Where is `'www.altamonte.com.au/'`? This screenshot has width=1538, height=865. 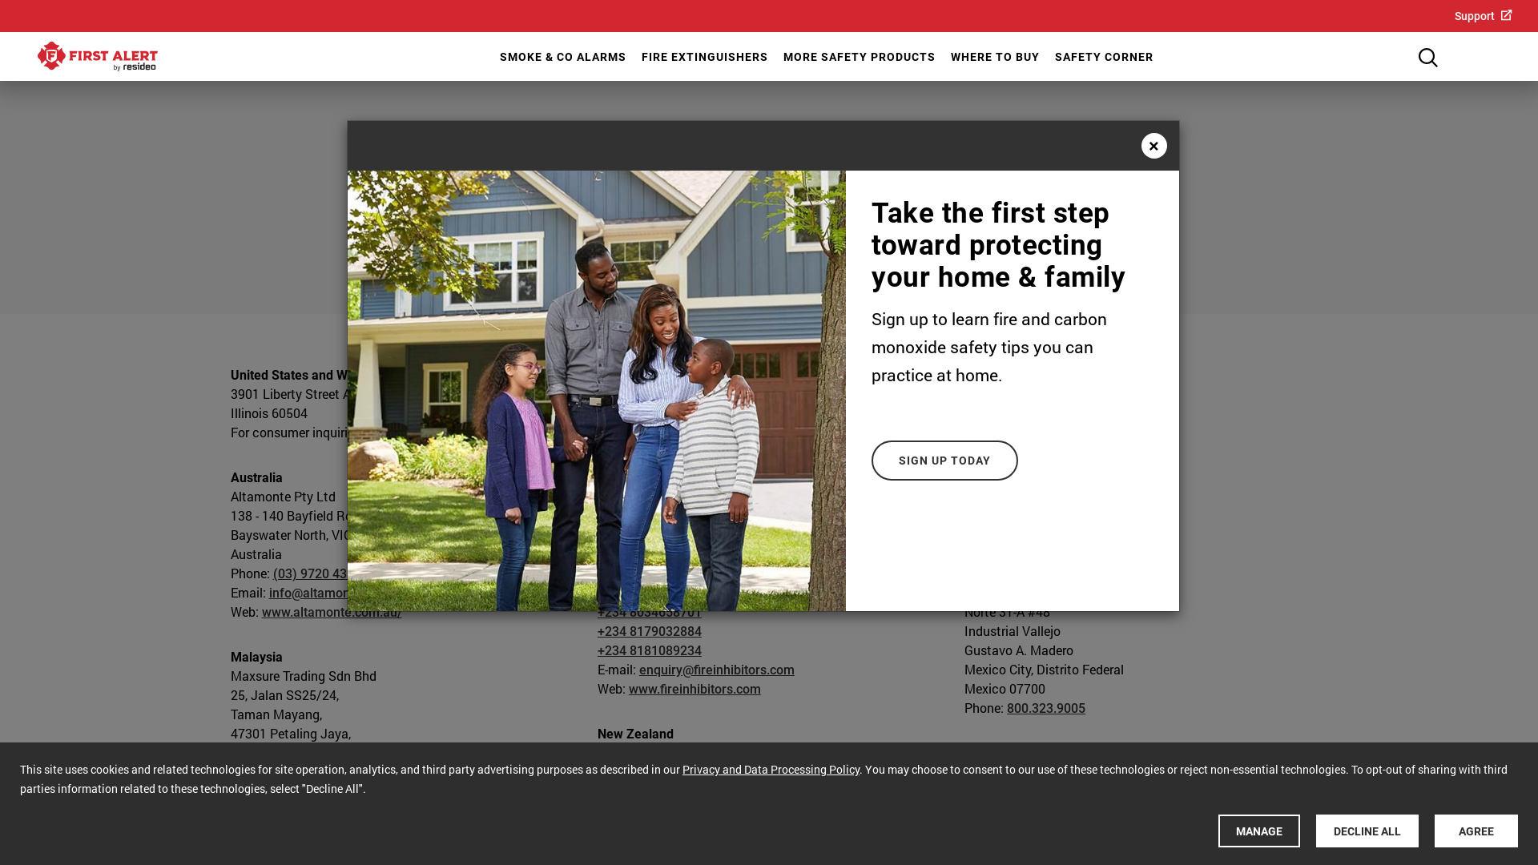 'www.altamonte.com.au/' is located at coordinates (261, 611).